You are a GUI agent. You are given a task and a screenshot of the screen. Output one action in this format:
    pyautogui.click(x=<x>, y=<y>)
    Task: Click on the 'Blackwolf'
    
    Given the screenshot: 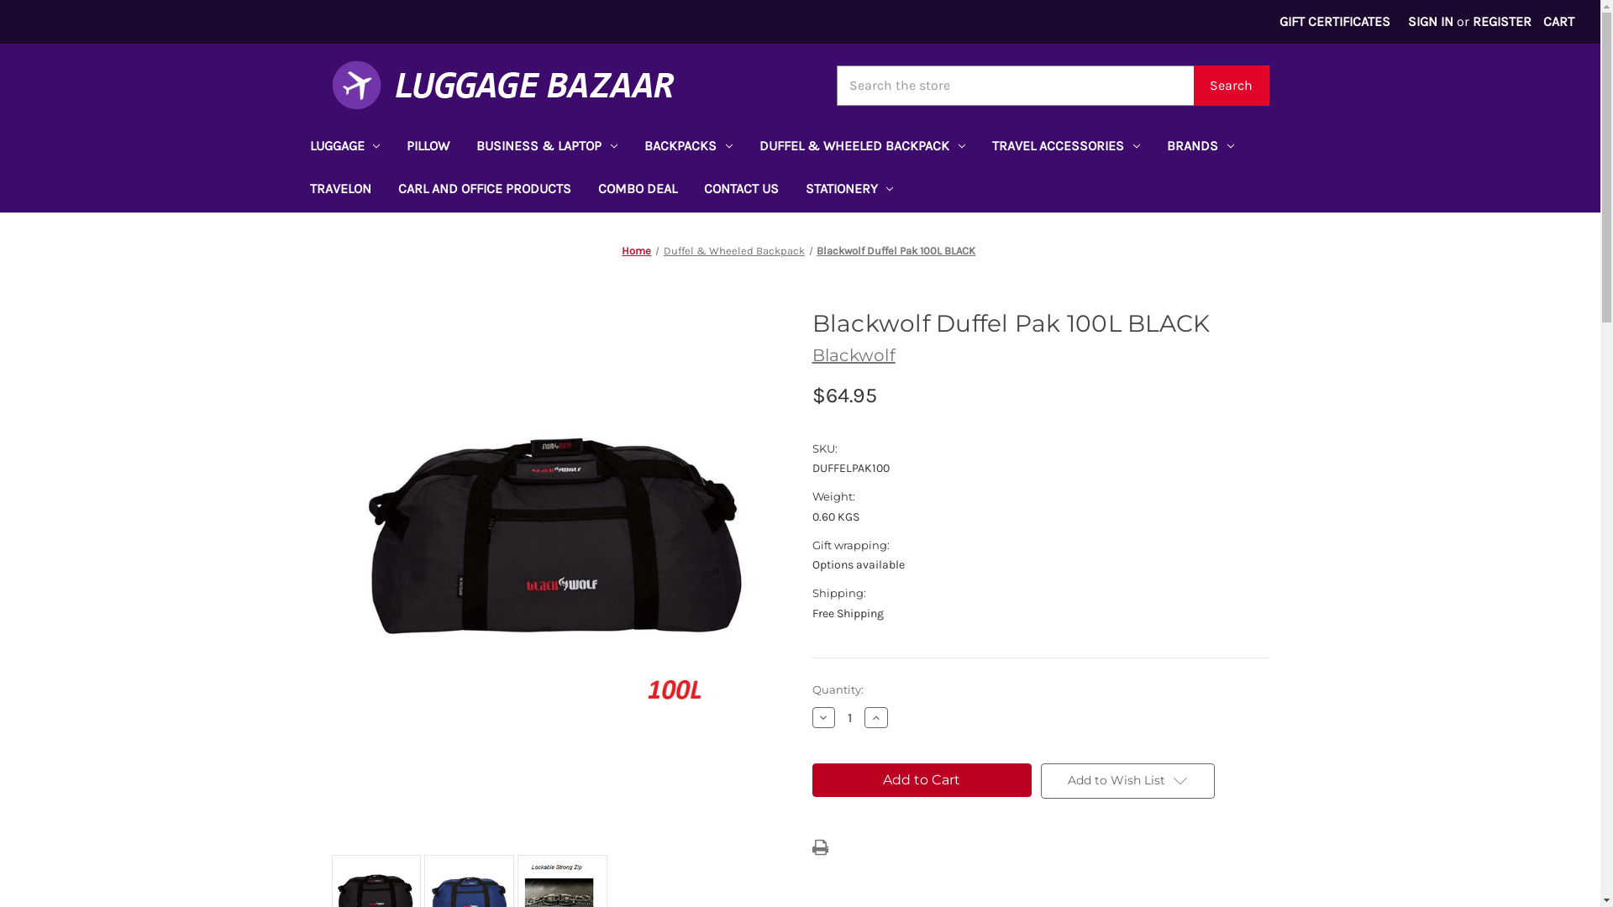 What is the action you would take?
    pyautogui.click(x=853, y=354)
    